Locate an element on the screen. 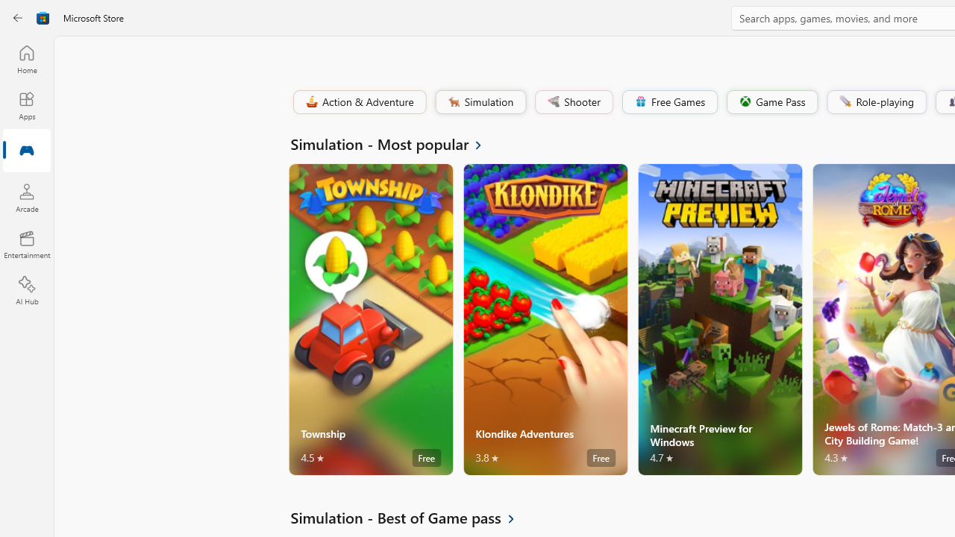 The image size is (955, 537). 'Simulation' is located at coordinates (480, 101).